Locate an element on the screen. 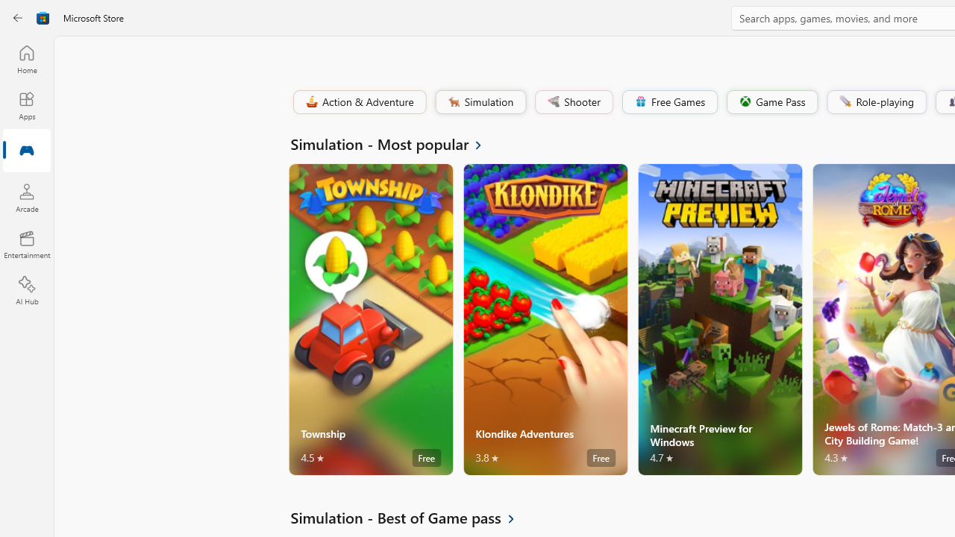 The image size is (955, 537). 'Simulation' is located at coordinates (480, 101).